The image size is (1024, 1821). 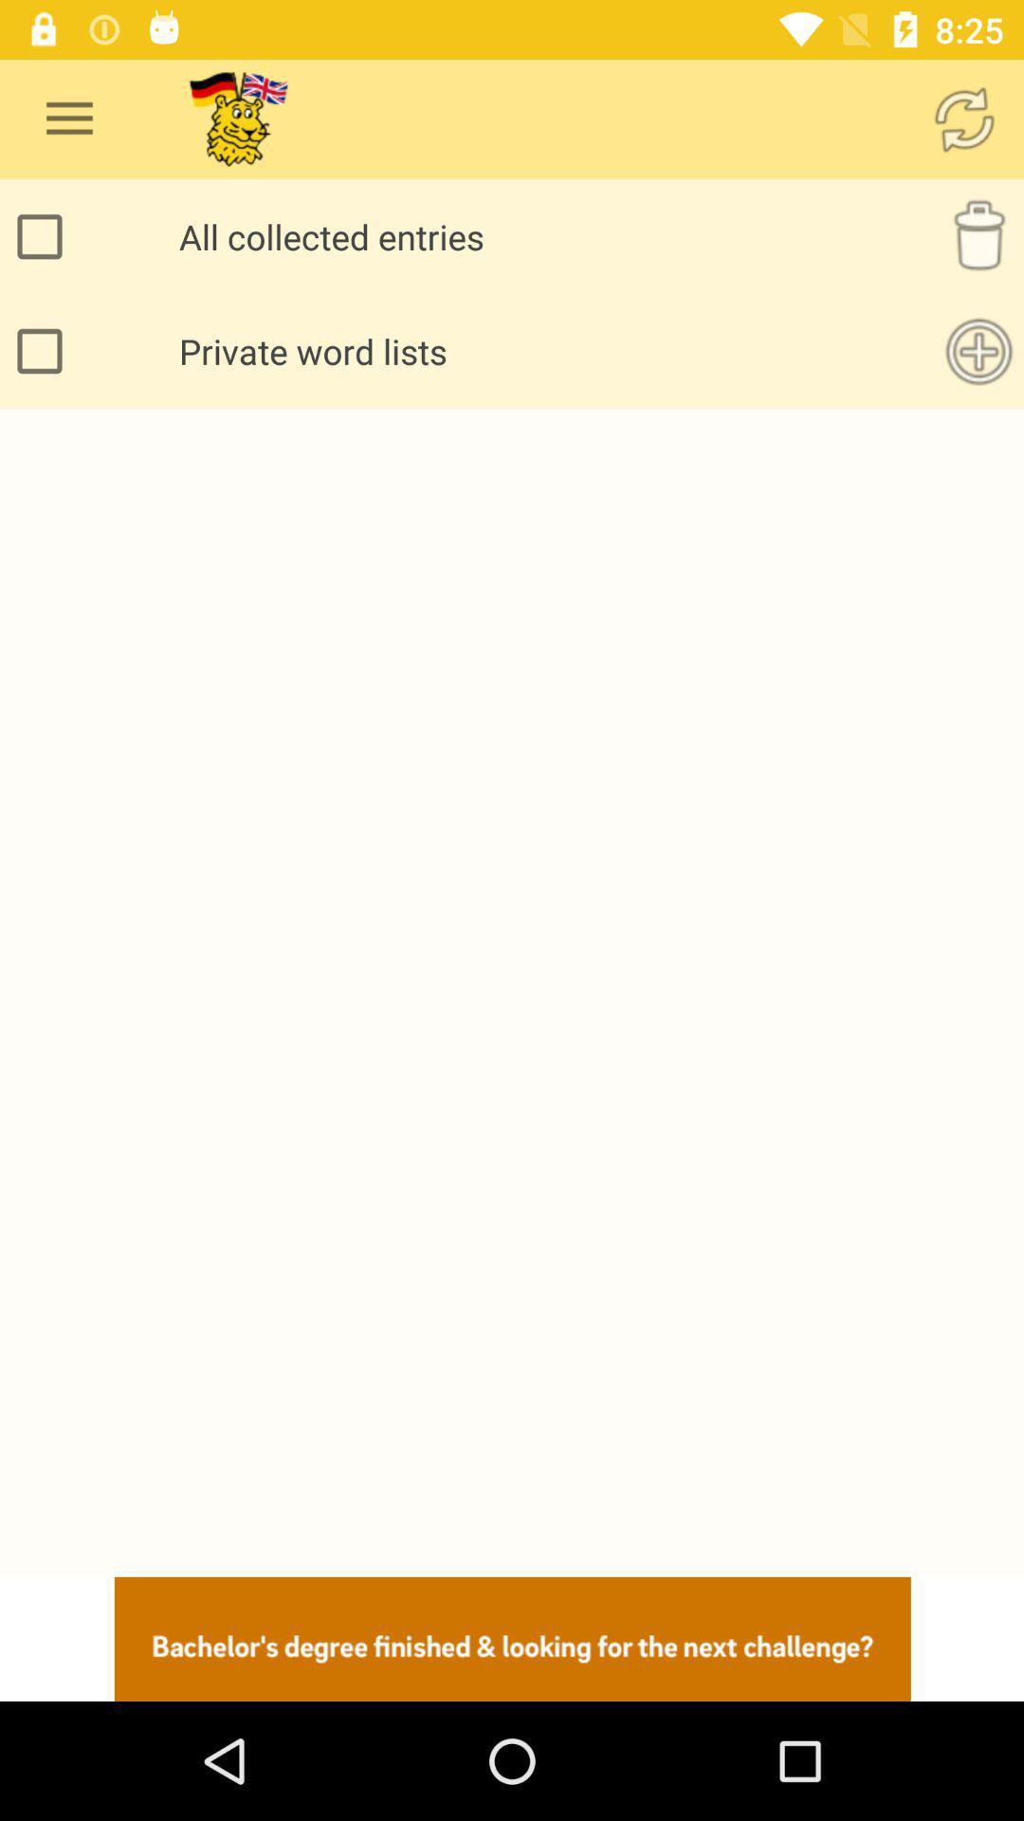 What do you see at coordinates (978, 351) in the screenshot?
I see `words` at bounding box center [978, 351].